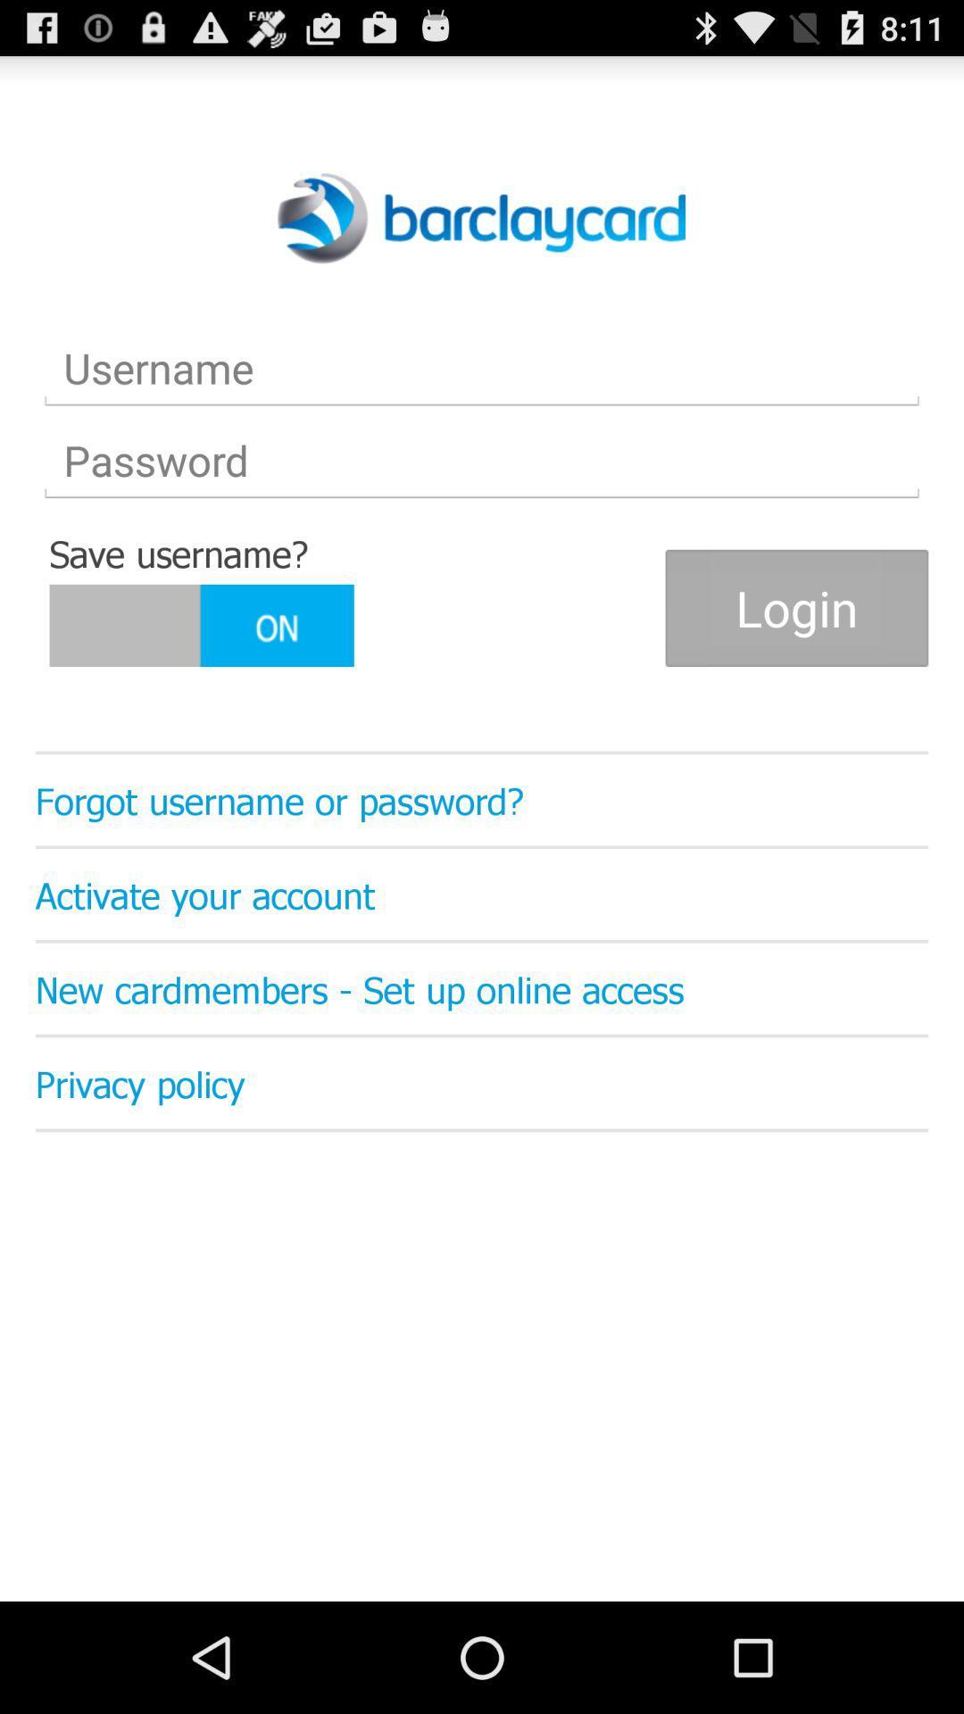  What do you see at coordinates (482, 799) in the screenshot?
I see `the forgot username or` at bounding box center [482, 799].